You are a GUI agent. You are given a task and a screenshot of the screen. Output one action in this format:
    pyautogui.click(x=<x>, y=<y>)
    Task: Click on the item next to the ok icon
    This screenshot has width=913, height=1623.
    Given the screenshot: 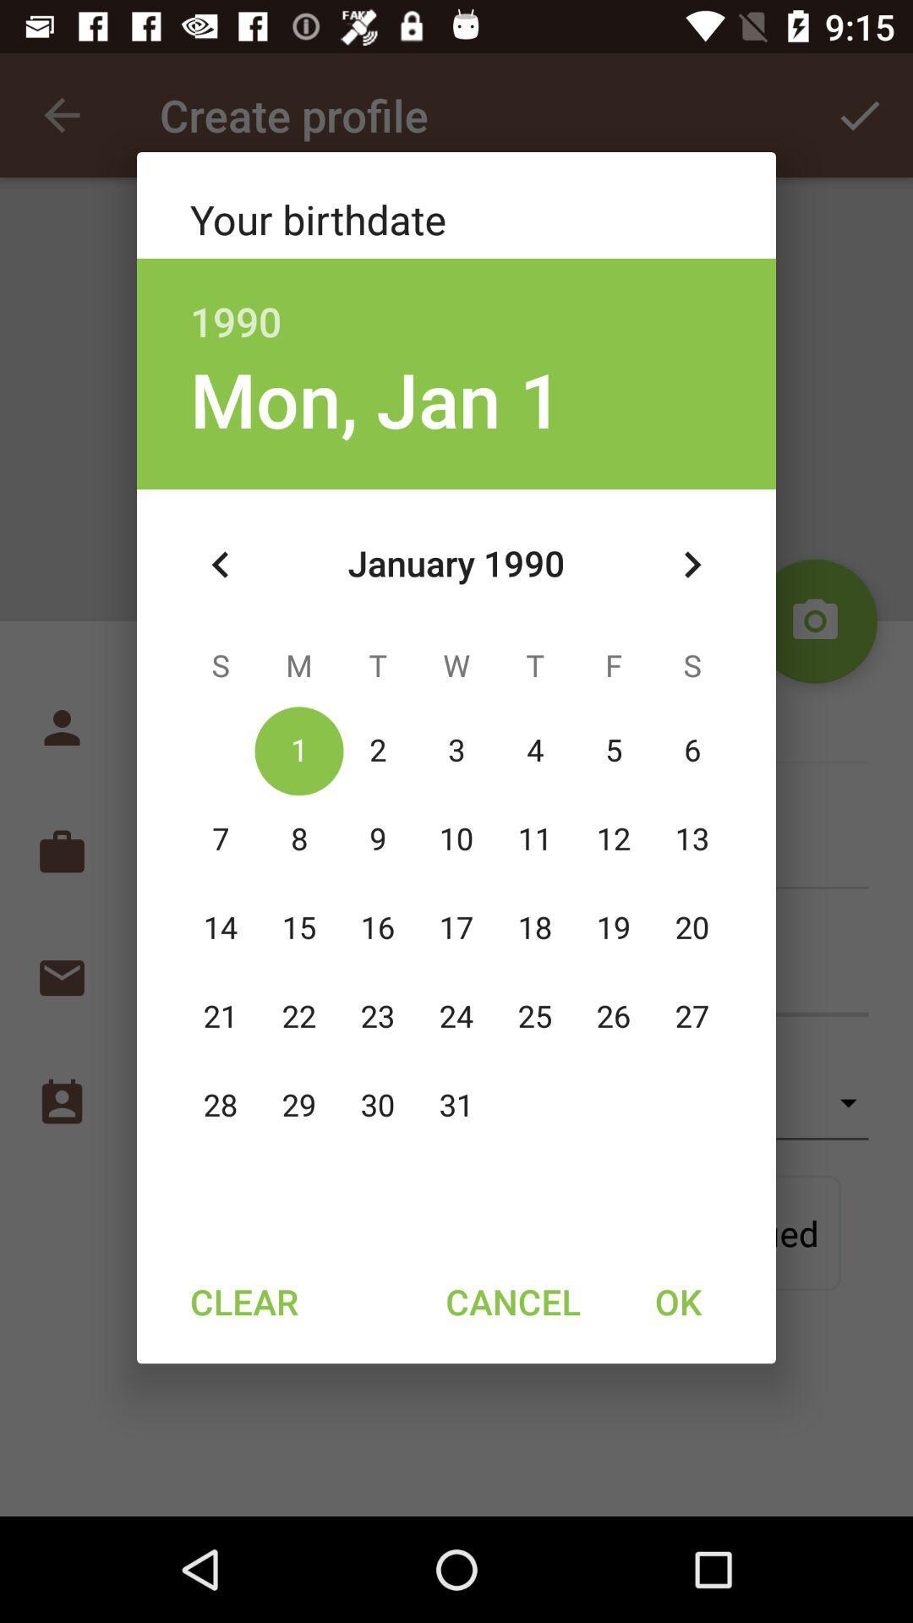 What is the action you would take?
    pyautogui.click(x=512, y=1300)
    